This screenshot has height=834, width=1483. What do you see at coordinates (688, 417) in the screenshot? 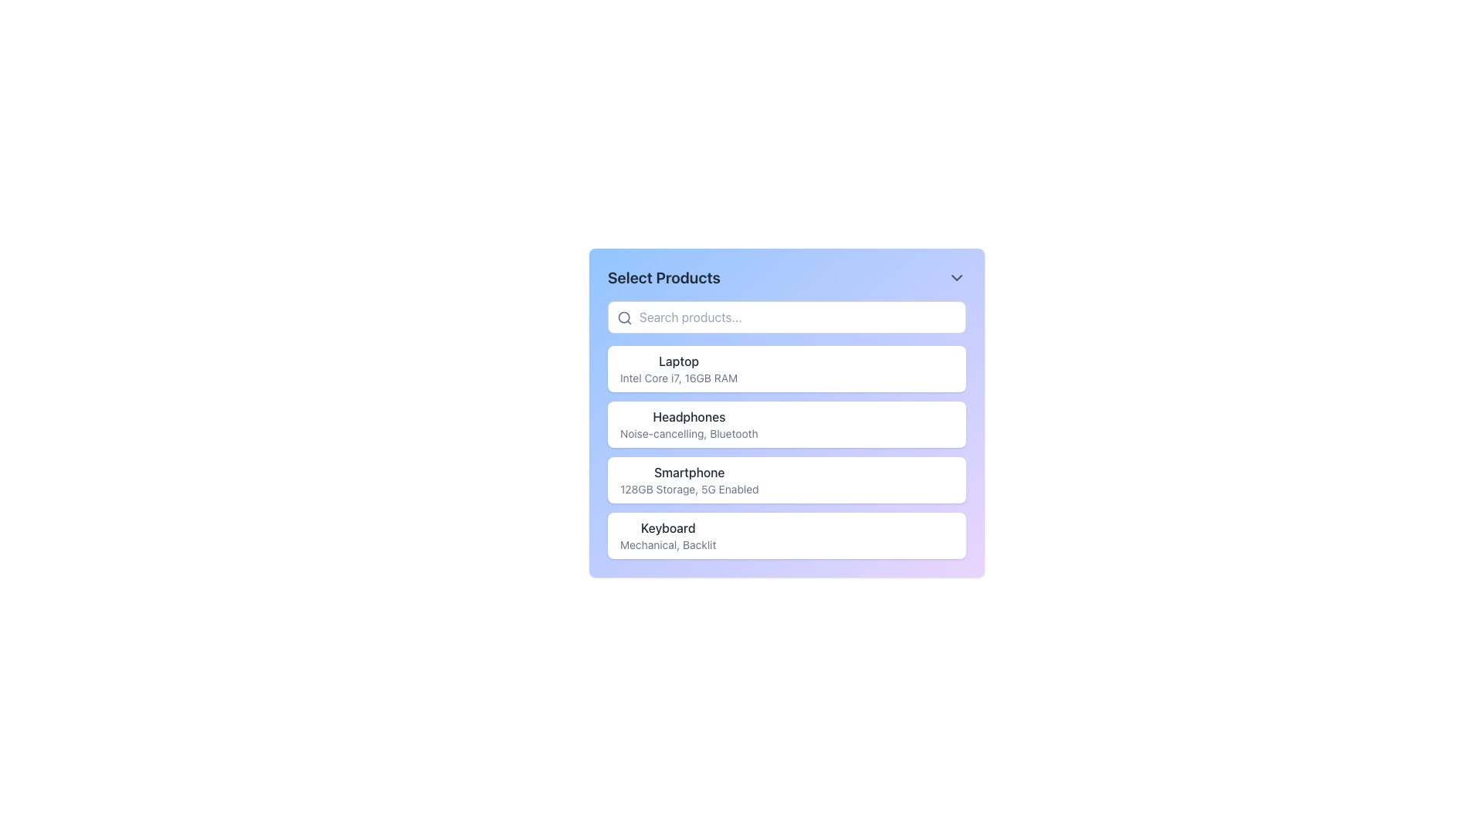
I see `the primary title text for the product category 'Headphones' in the product selection list` at bounding box center [688, 417].